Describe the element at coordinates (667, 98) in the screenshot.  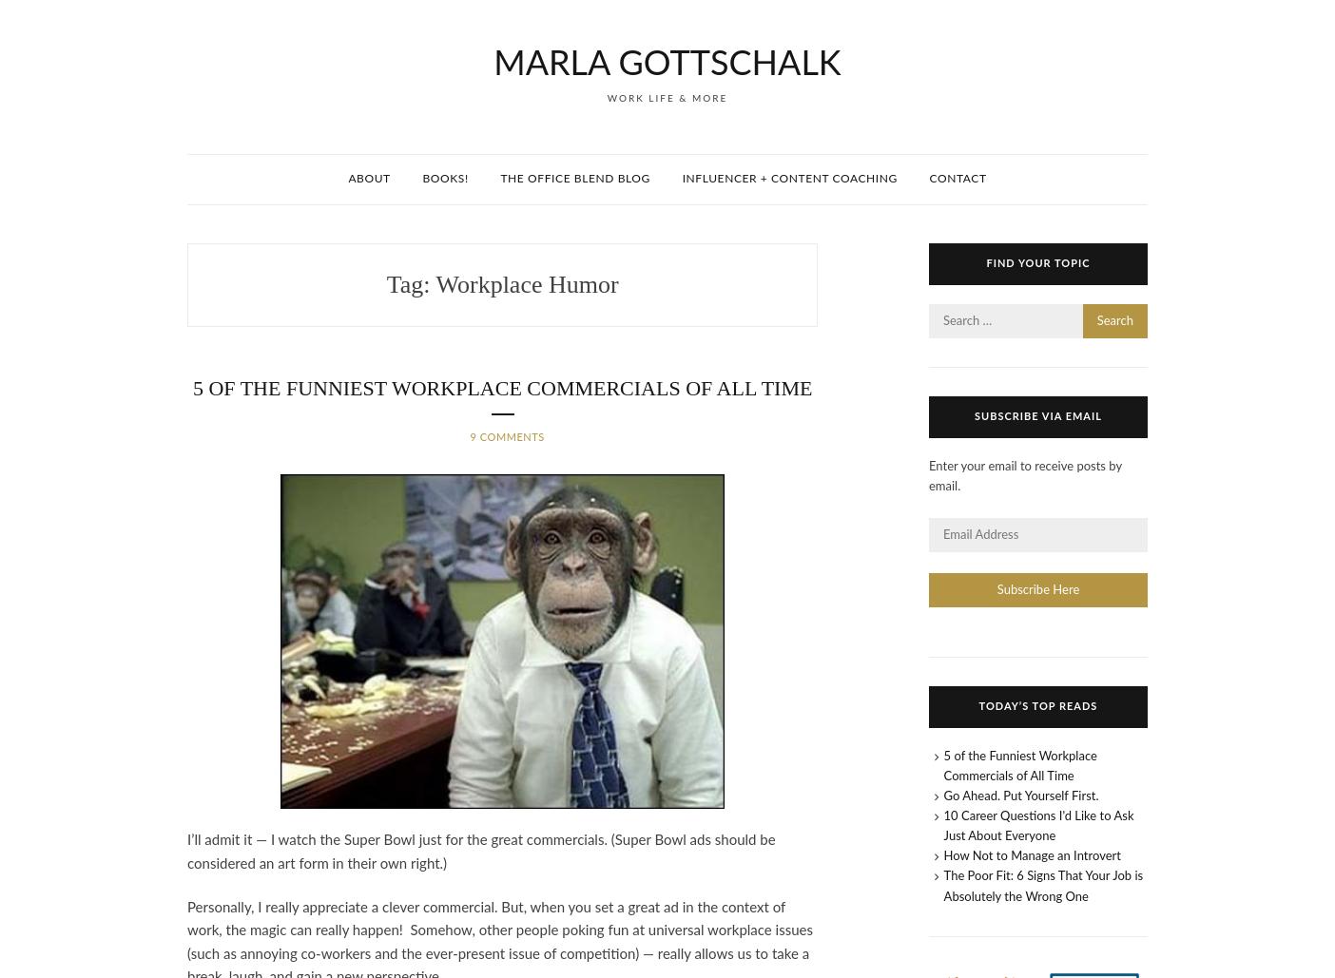
I see `'Work Life & More'` at that location.